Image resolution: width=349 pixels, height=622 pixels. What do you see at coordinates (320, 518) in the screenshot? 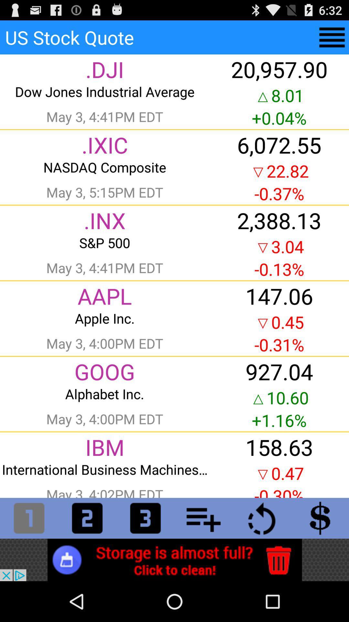
I see `the dollar icon on the bottom  right corner of the web page` at bounding box center [320, 518].